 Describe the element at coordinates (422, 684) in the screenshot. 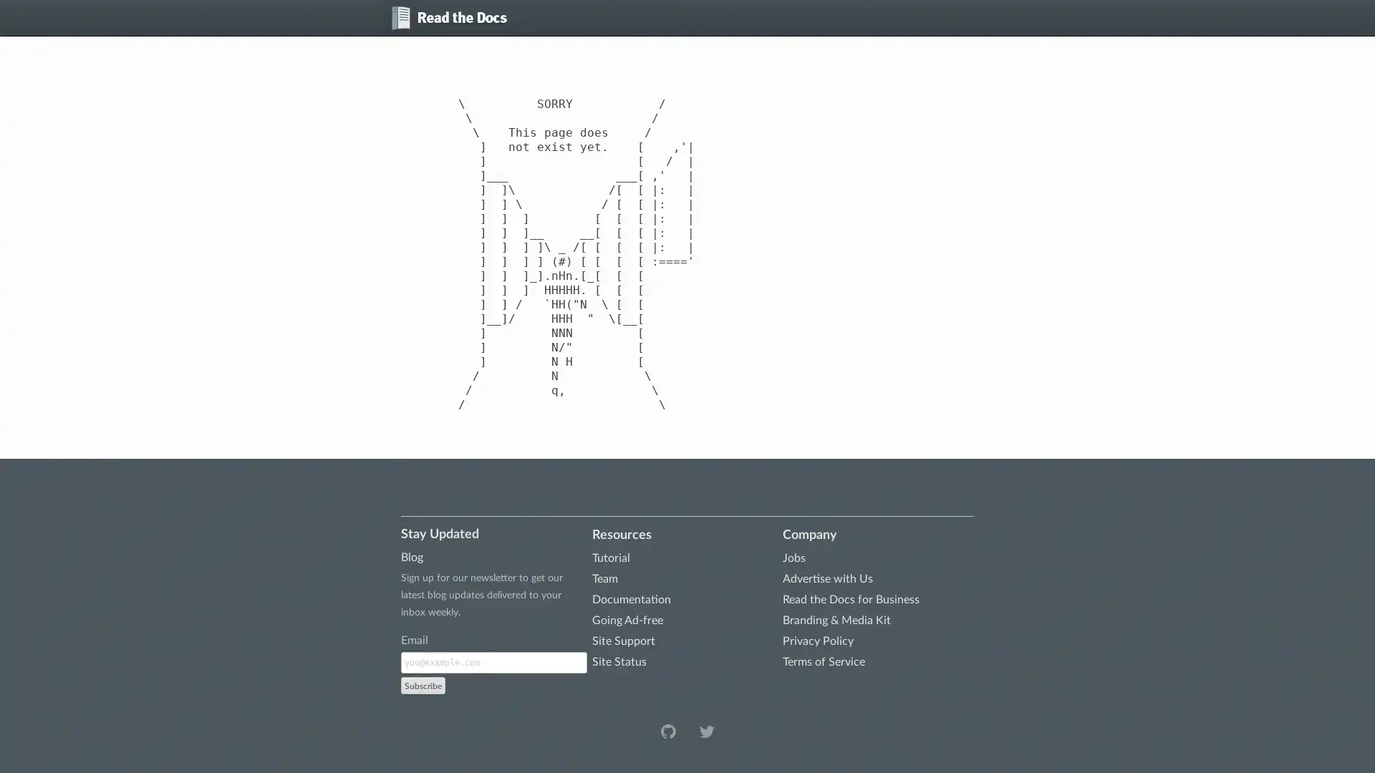

I see `Subscribe` at that location.